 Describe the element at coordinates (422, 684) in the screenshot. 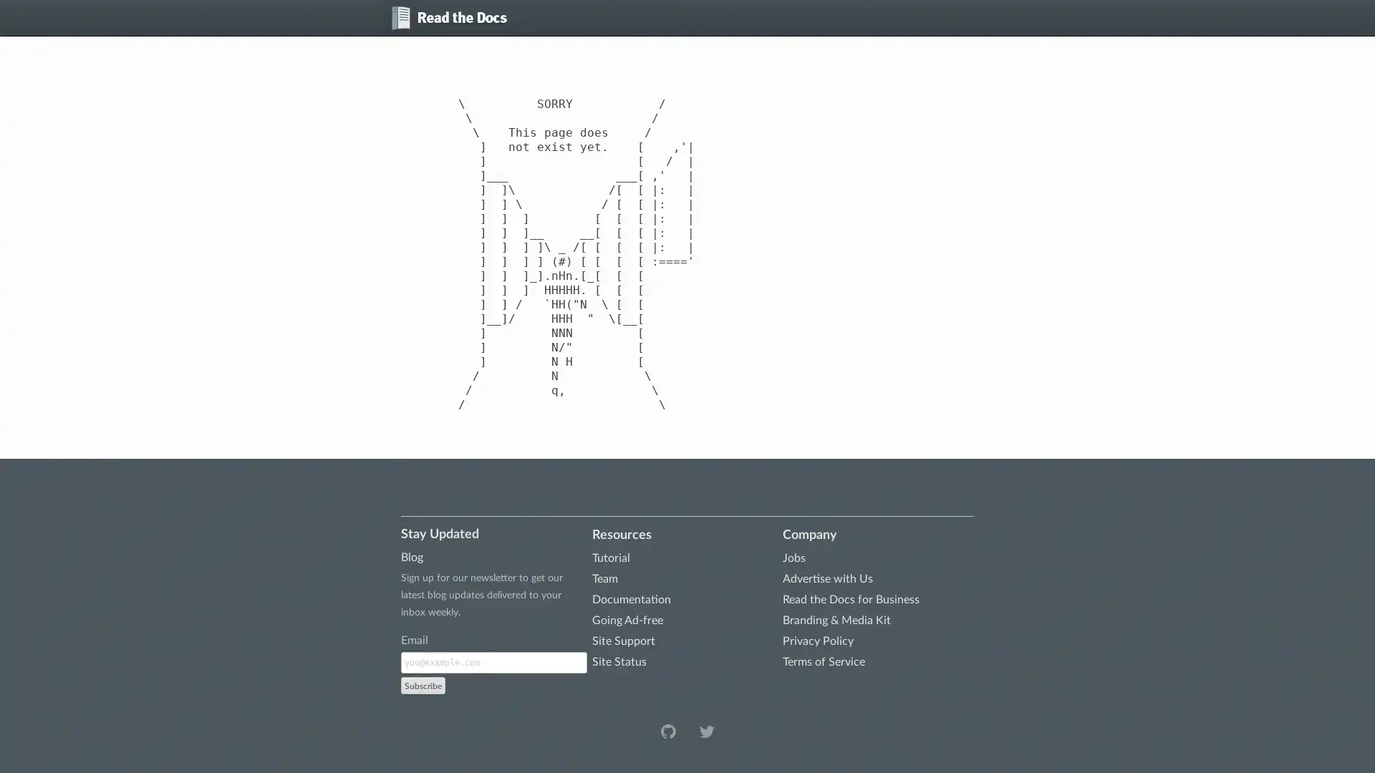

I see `Subscribe` at that location.